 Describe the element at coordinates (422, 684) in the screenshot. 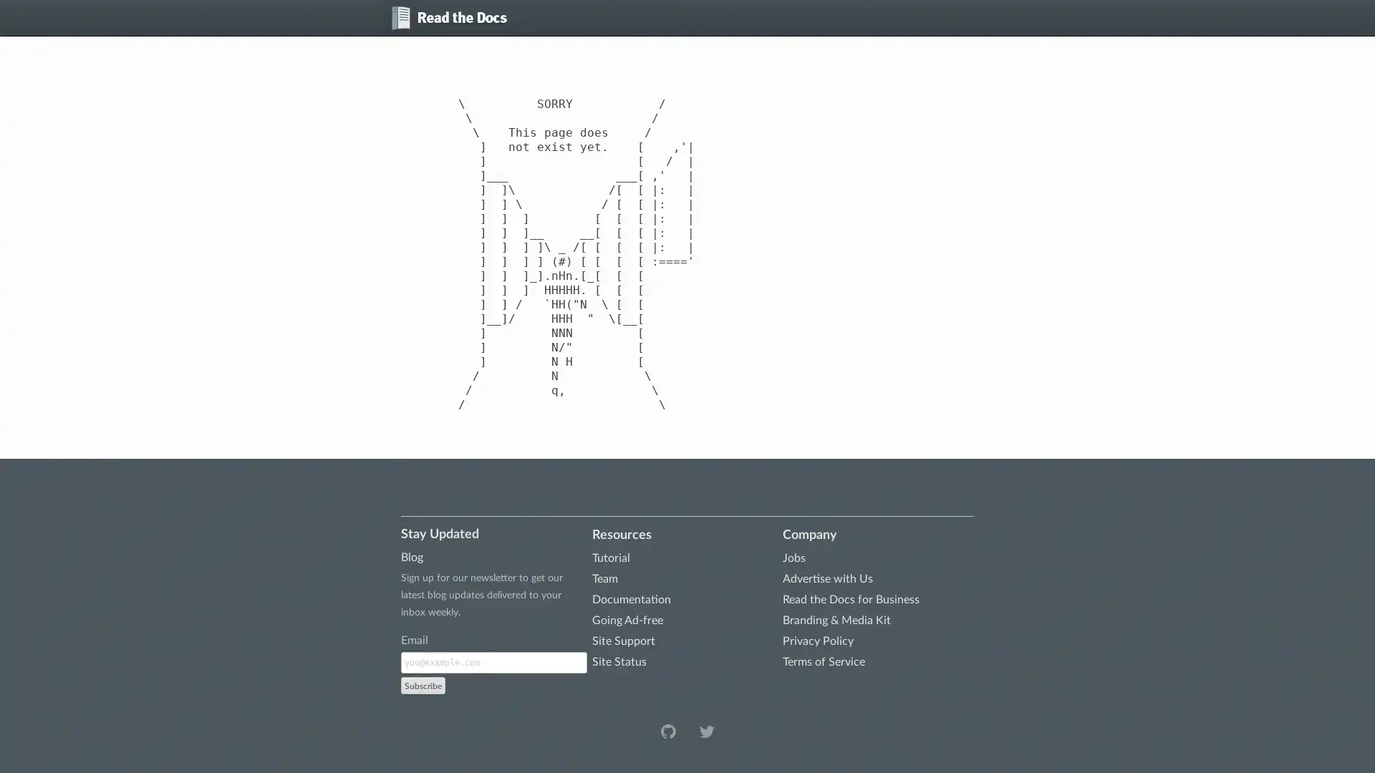

I see `Subscribe` at that location.